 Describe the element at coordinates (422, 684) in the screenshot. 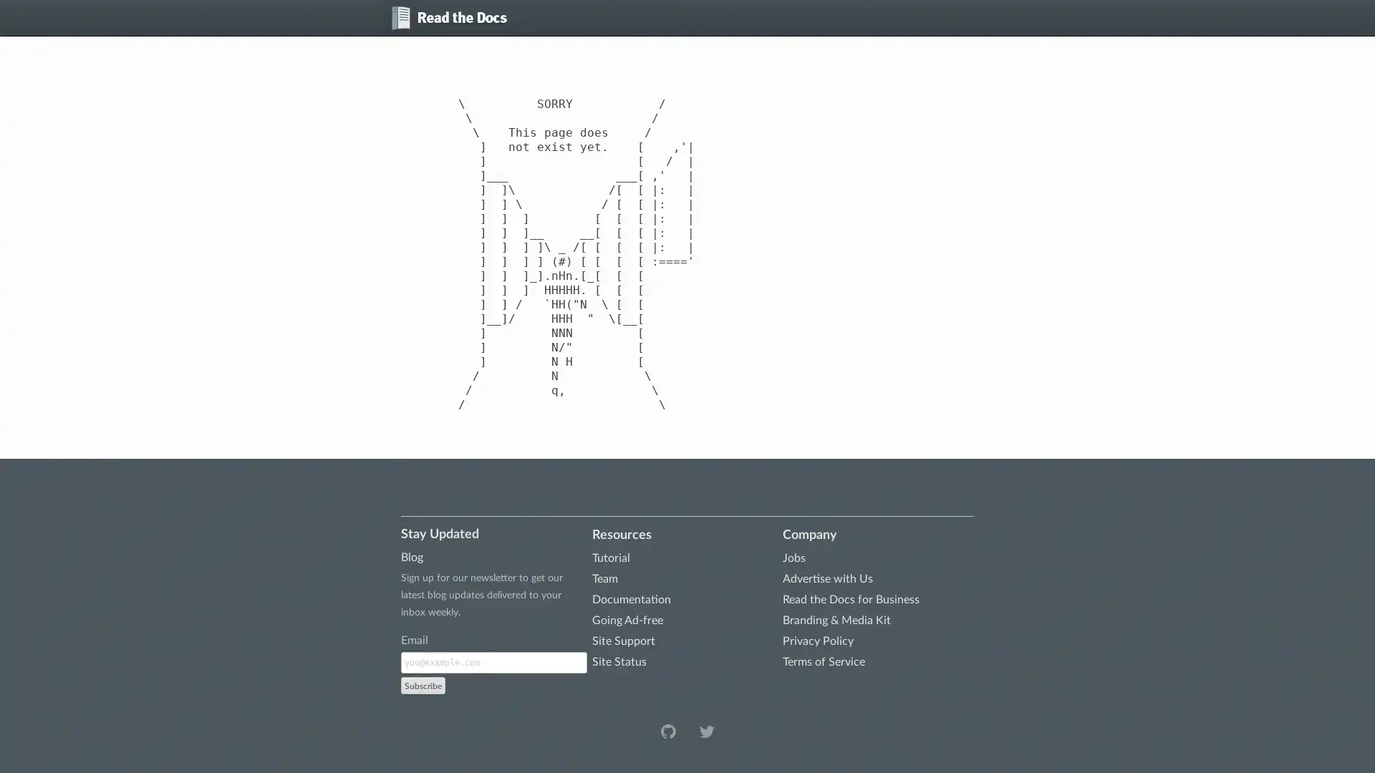

I see `Subscribe` at that location.